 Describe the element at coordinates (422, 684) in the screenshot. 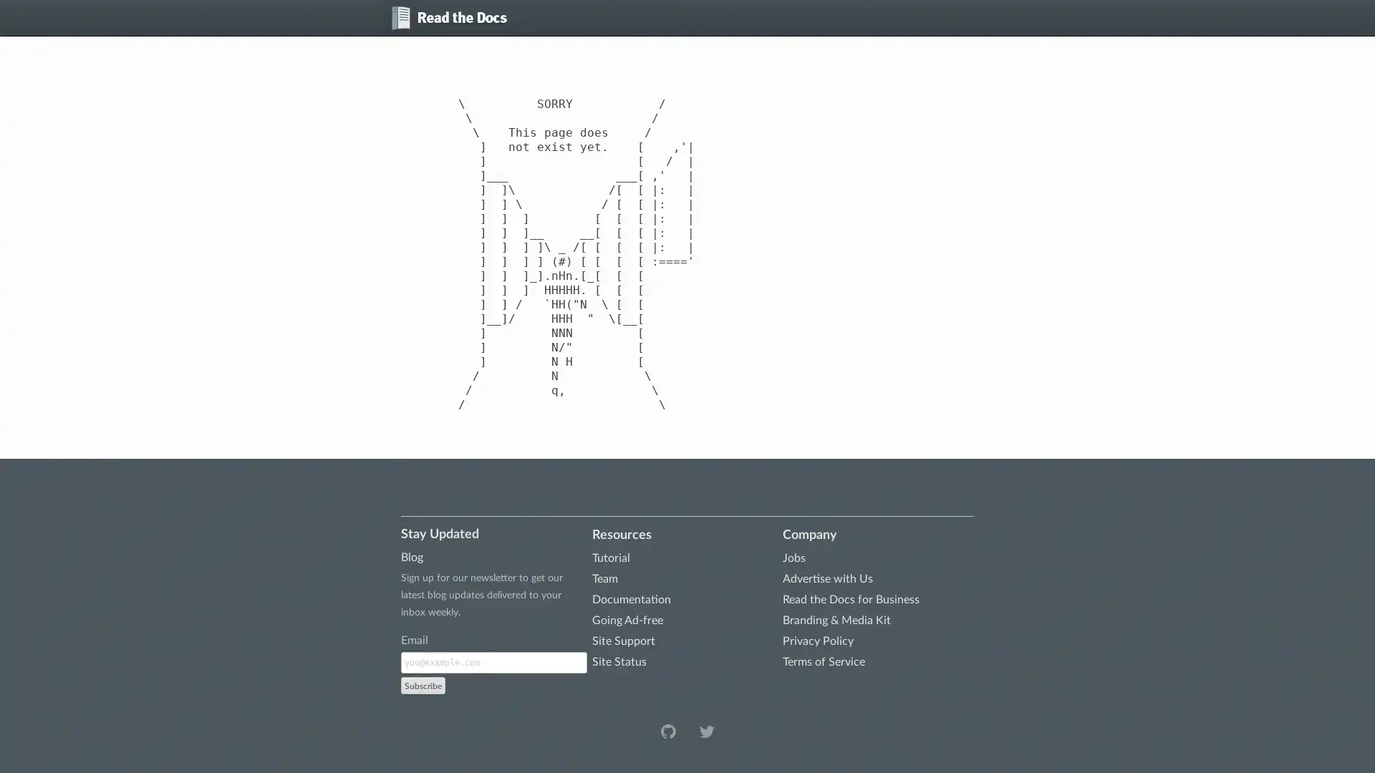

I see `Subscribe` at that location.